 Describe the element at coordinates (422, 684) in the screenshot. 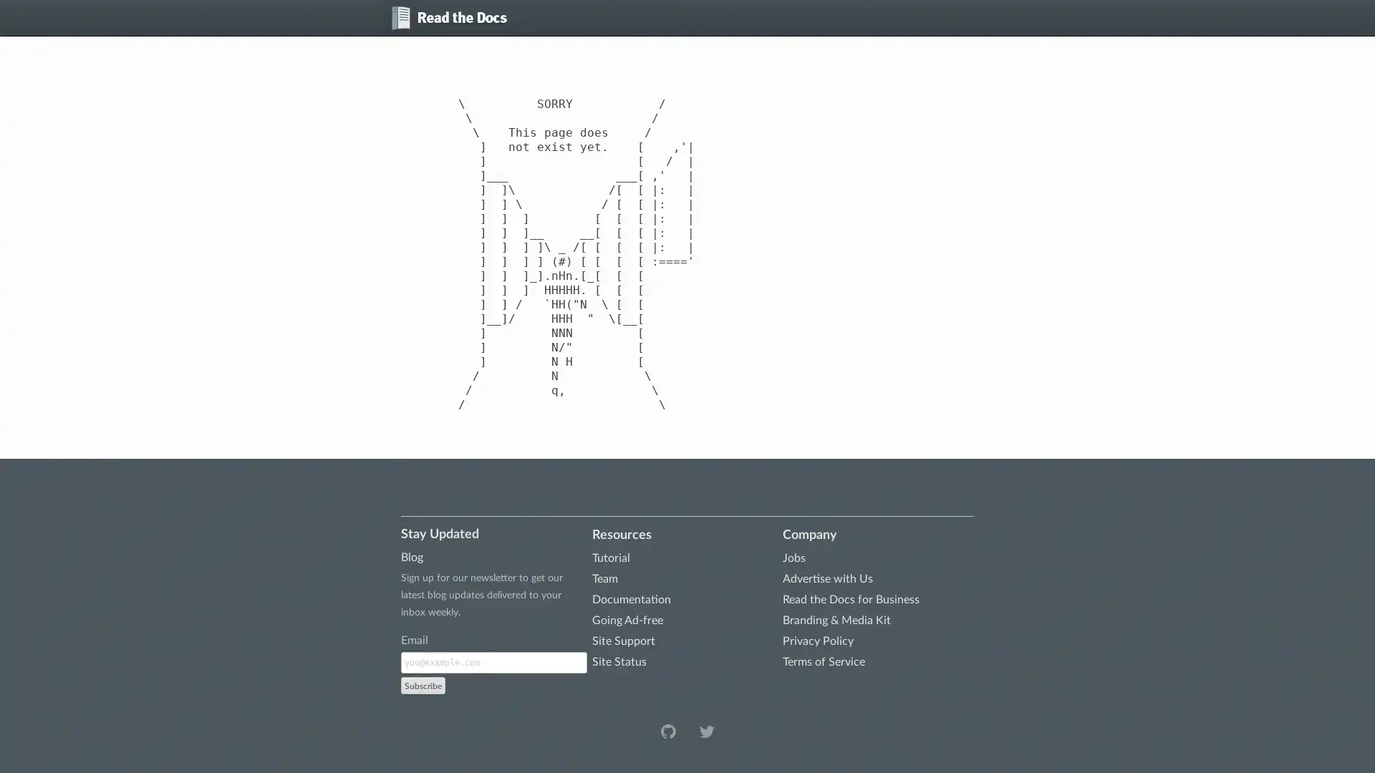

I see `Subscribe` at that location.